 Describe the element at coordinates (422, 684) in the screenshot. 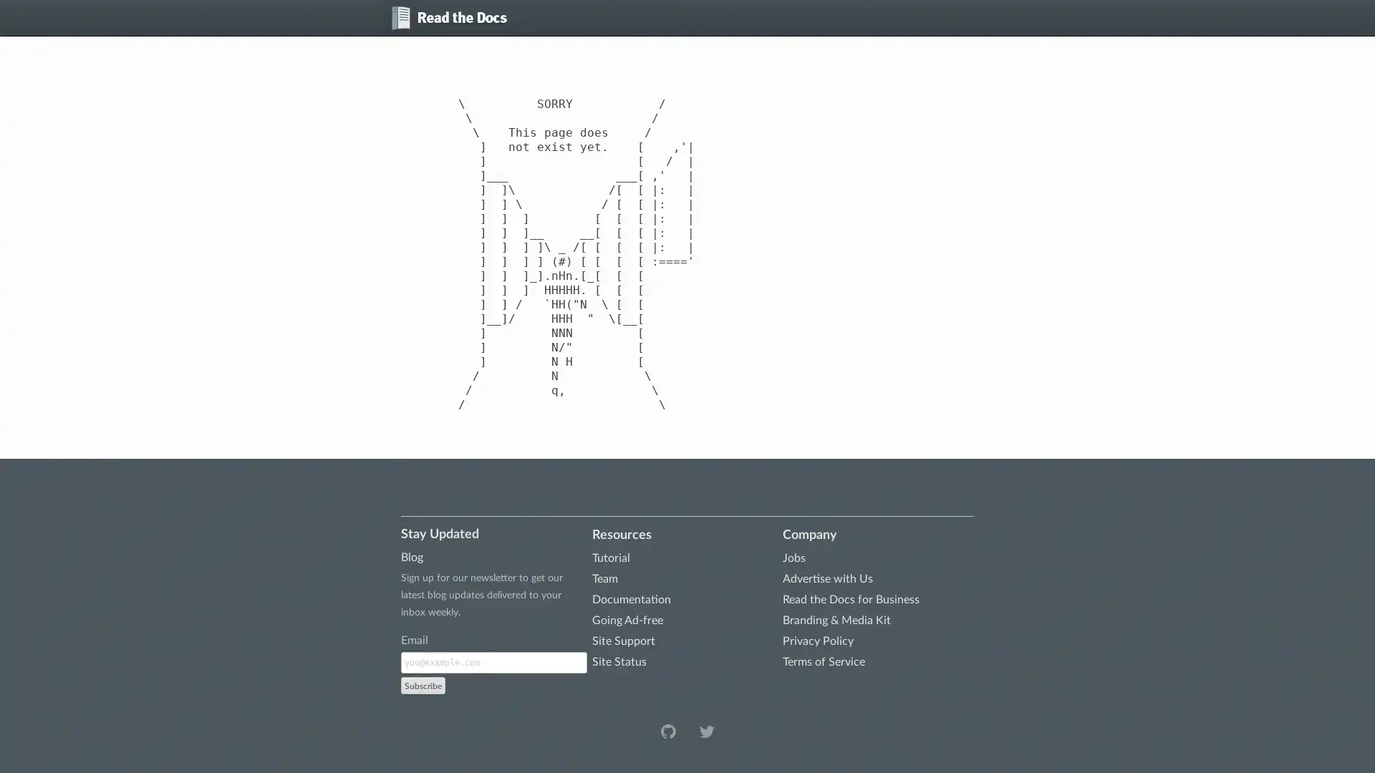

I see `Subscribe` at that location.